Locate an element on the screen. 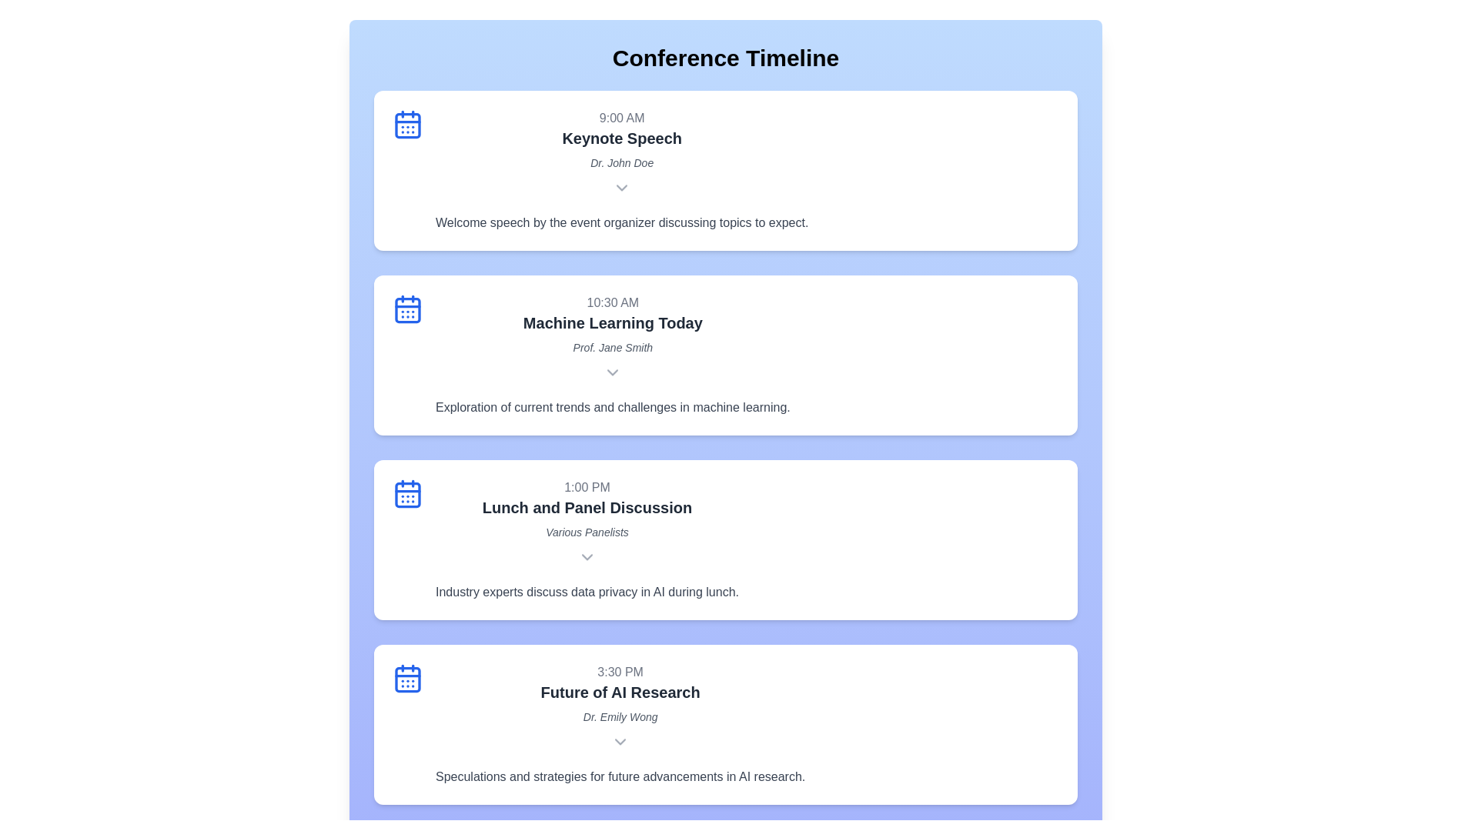 Image resolution: width=1478 pixels, height=831 pixels. the expandable content icon located within the 'Keynote Speech' conference event card, positioned below 'Dr. John Doe' and above the description text is located at coordinates (621, 189).